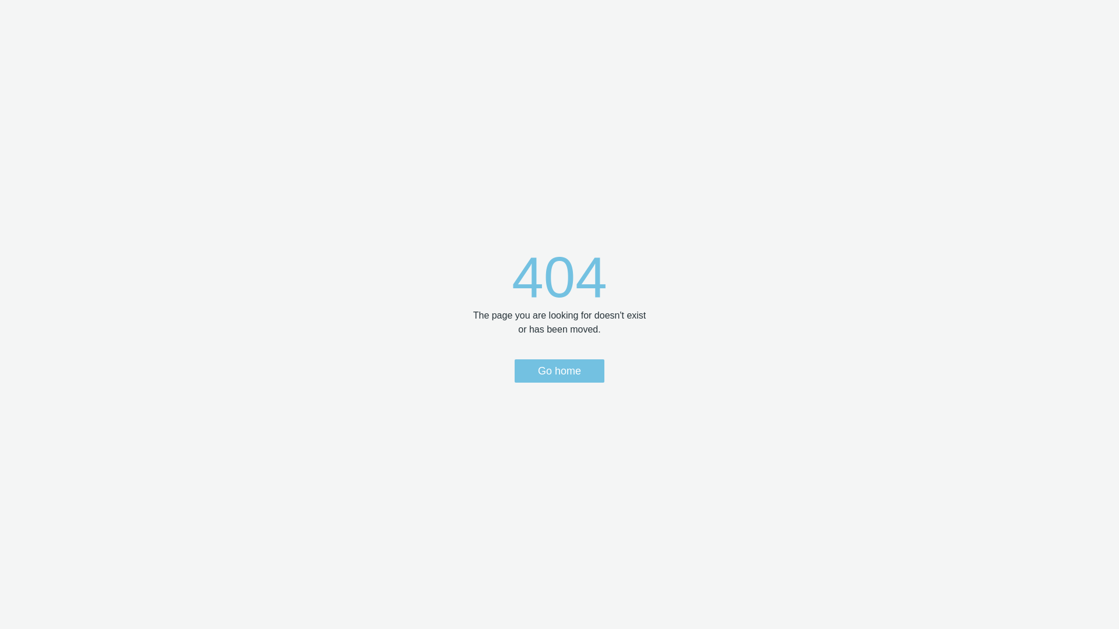  Describe the element at coordinates (559, 370) in the screenshot. I see `'Go home'` at that location.